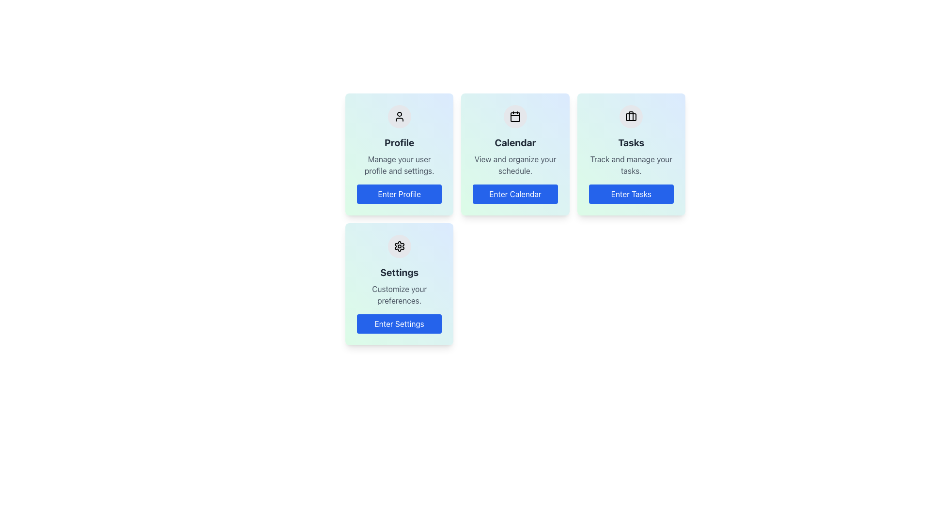  I want to click on the calendar button located in the lower section of the 'Calendar' card, so click(515, 194).